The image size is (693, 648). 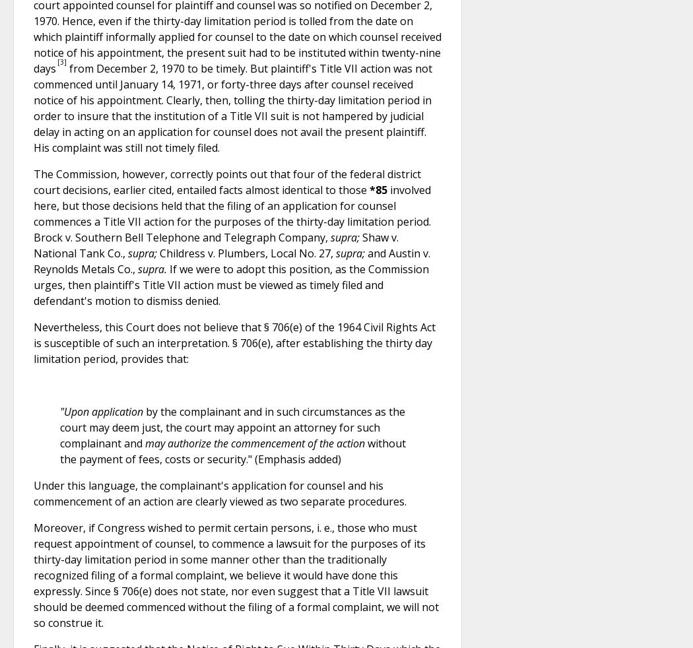 I want to click on 'Nevertheless, this Court does not believe that § 706(e) of the 1964 Civil Rights Act is susceptible of such an interpretation. § 706(e), after establishing the thirty day limitation period, provides that:', so click(x=234, y=341).